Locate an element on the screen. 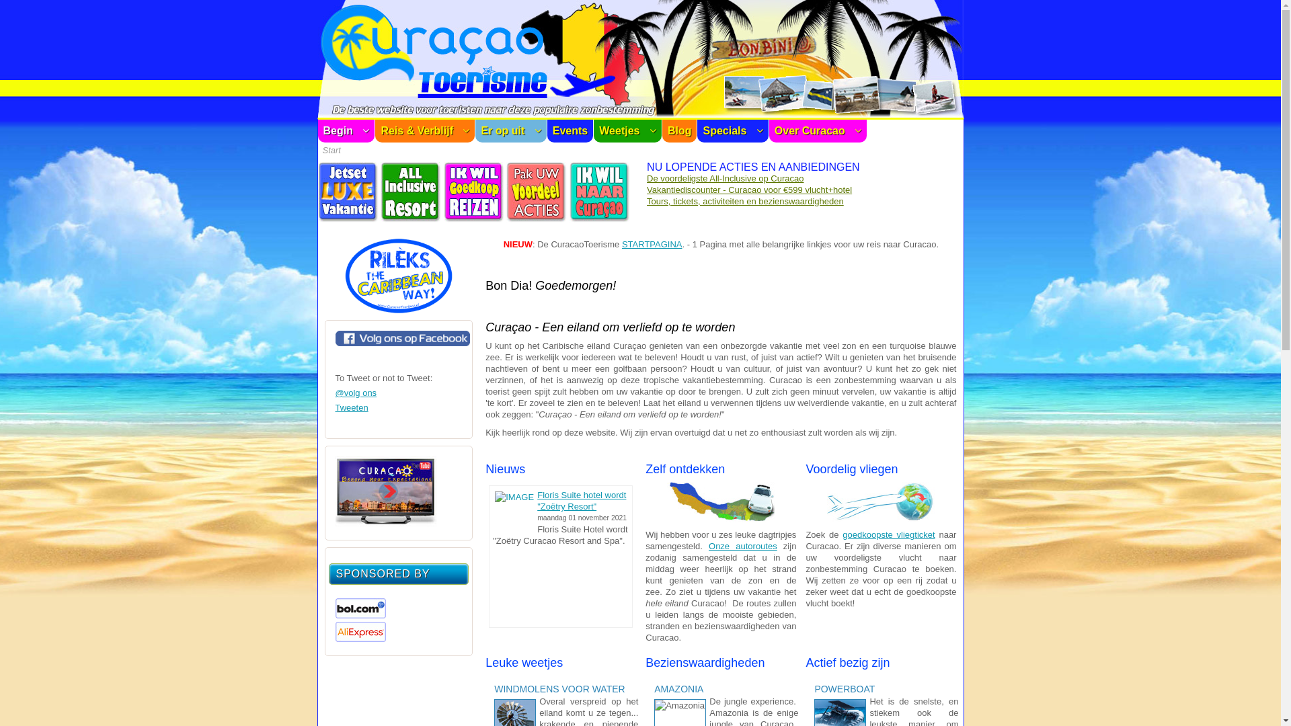 This screenshot has height=726, width=1291. '@volg ons' is located at coordinates (355, 393).